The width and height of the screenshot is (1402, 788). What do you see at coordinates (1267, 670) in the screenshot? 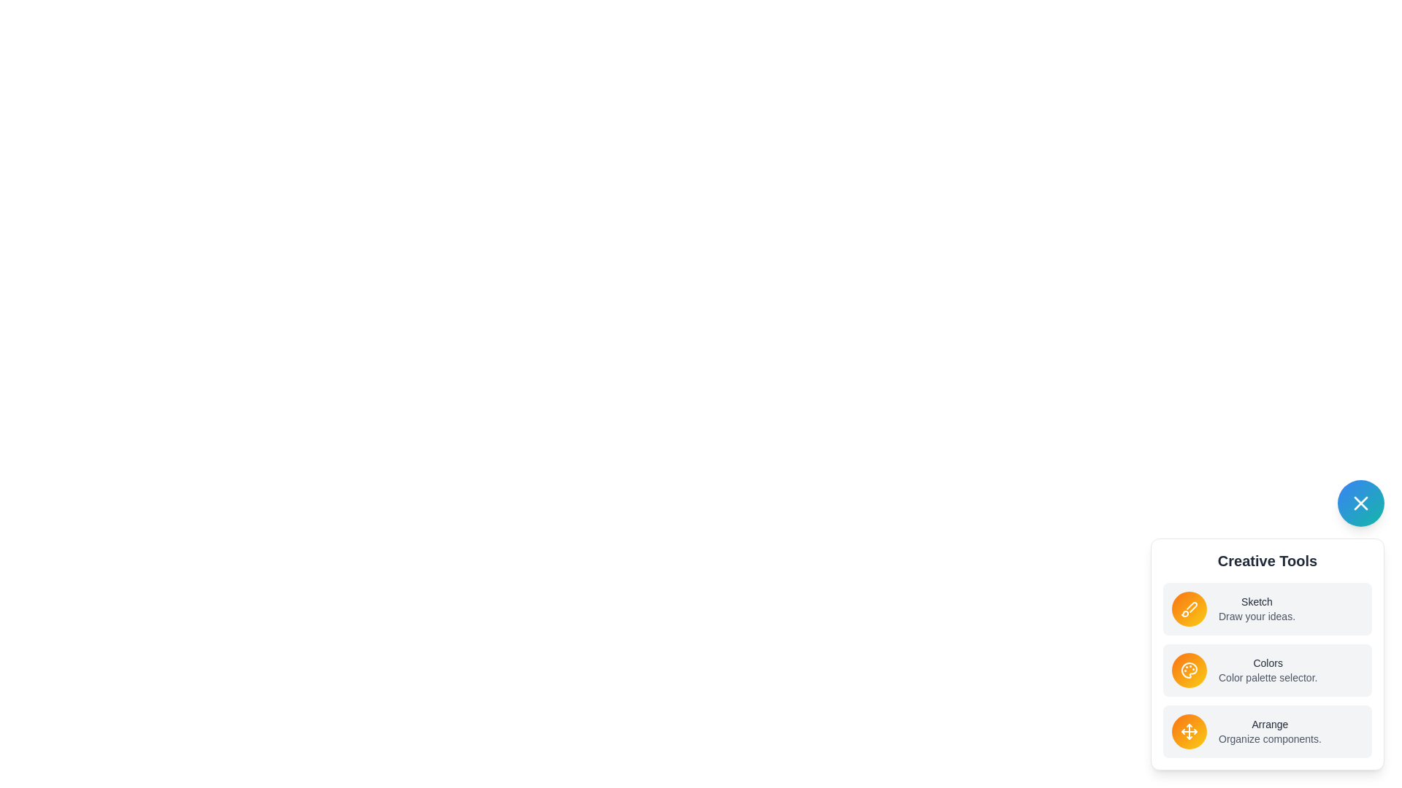
I see `the tool labeled Colors in the list` at bounding box center [1267, 670].